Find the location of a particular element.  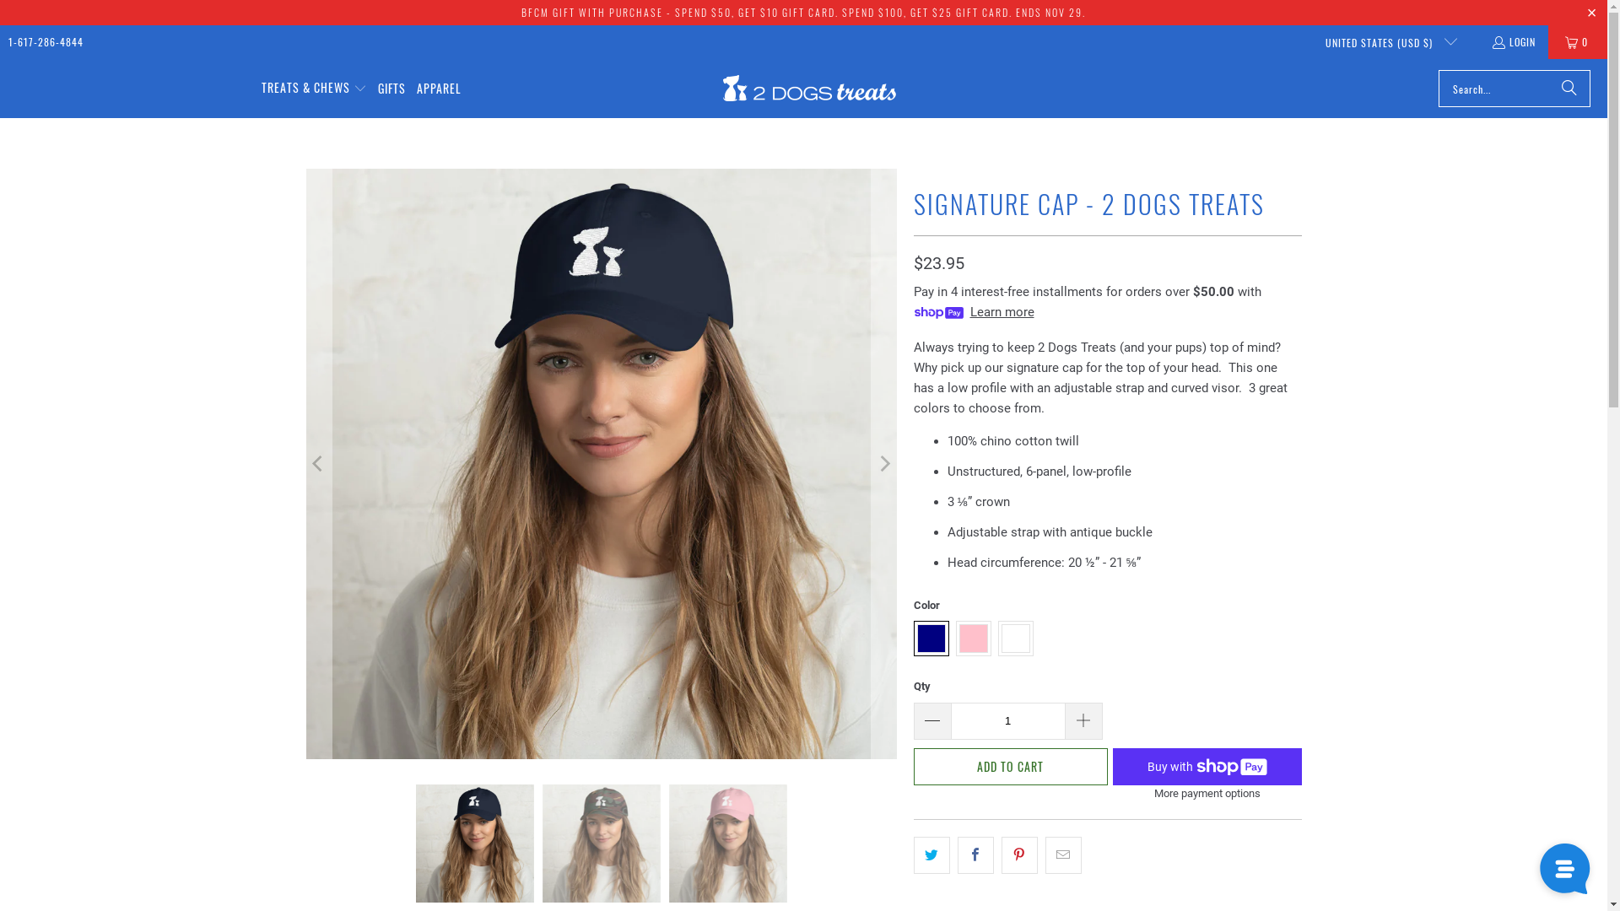

'Share this on Pinterest' is located at coordinates (1018, 855).